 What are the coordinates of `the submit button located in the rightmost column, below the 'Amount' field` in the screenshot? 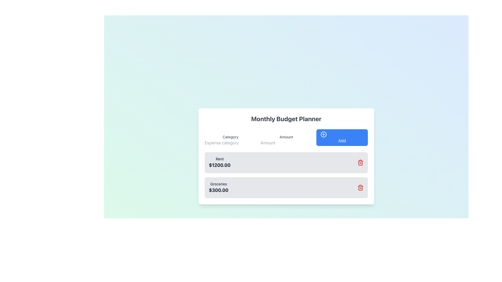 It's located at (342, 137).